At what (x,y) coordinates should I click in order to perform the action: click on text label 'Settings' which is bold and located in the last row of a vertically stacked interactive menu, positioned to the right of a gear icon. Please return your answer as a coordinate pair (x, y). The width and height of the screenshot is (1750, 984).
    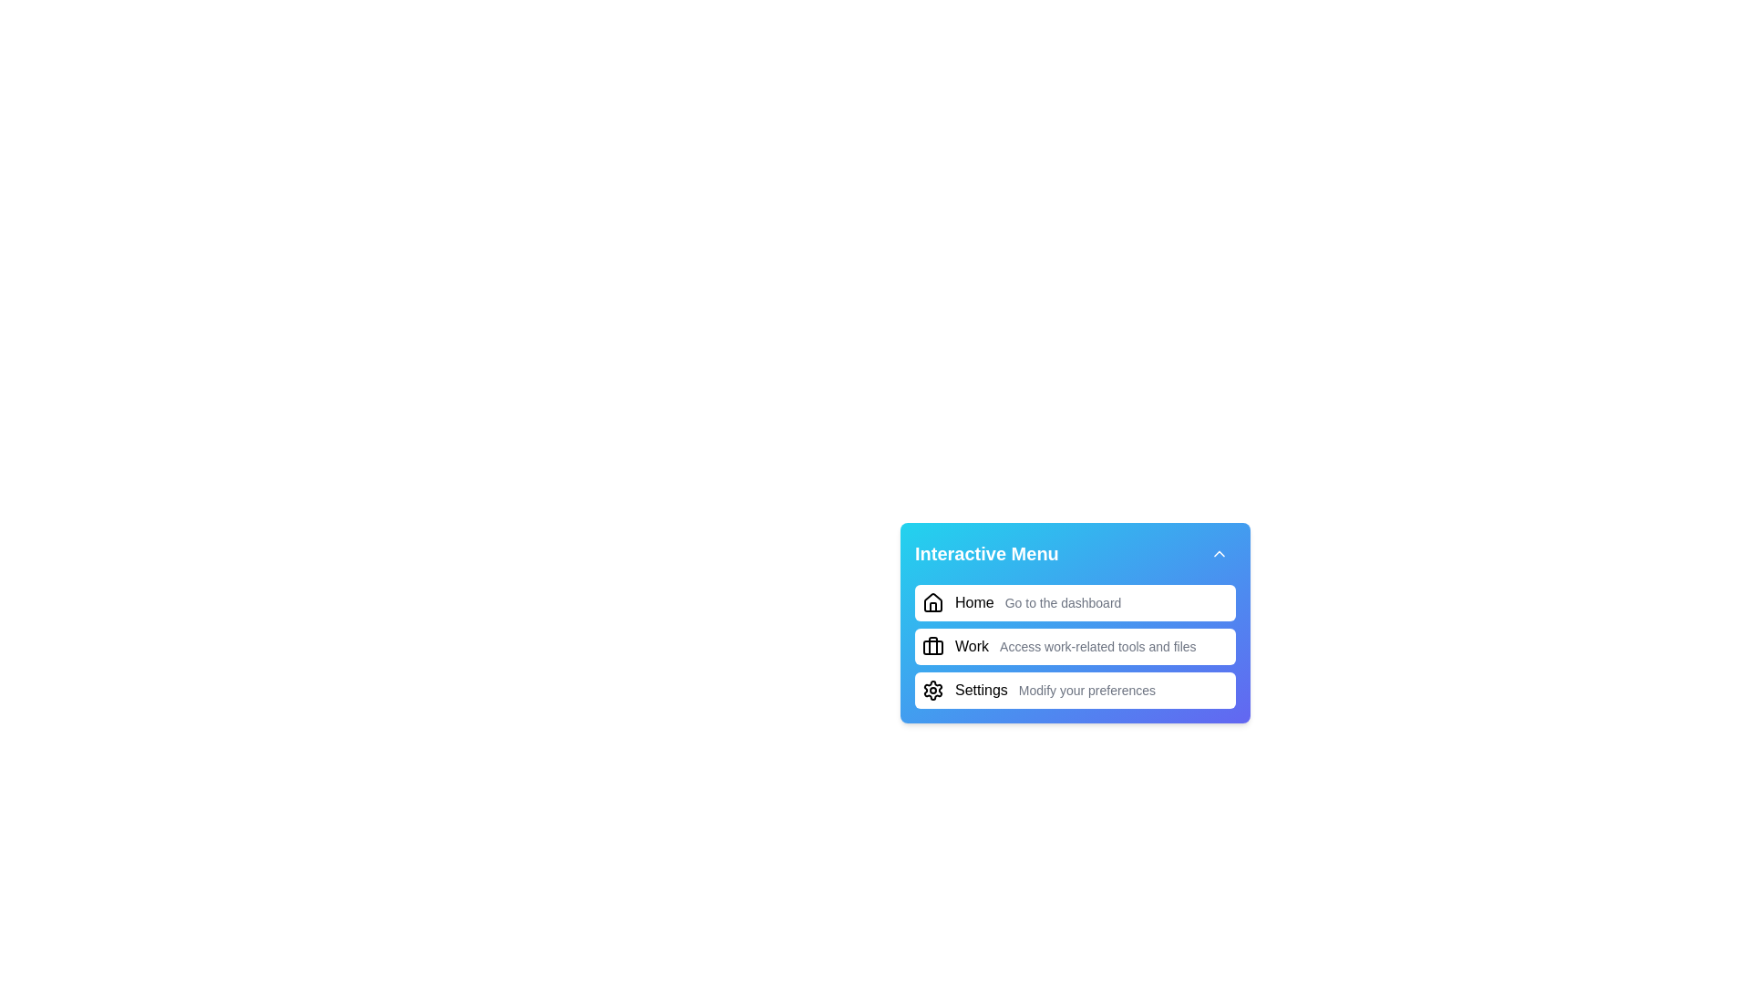
    Looking at the image, I should click on (980, 691).